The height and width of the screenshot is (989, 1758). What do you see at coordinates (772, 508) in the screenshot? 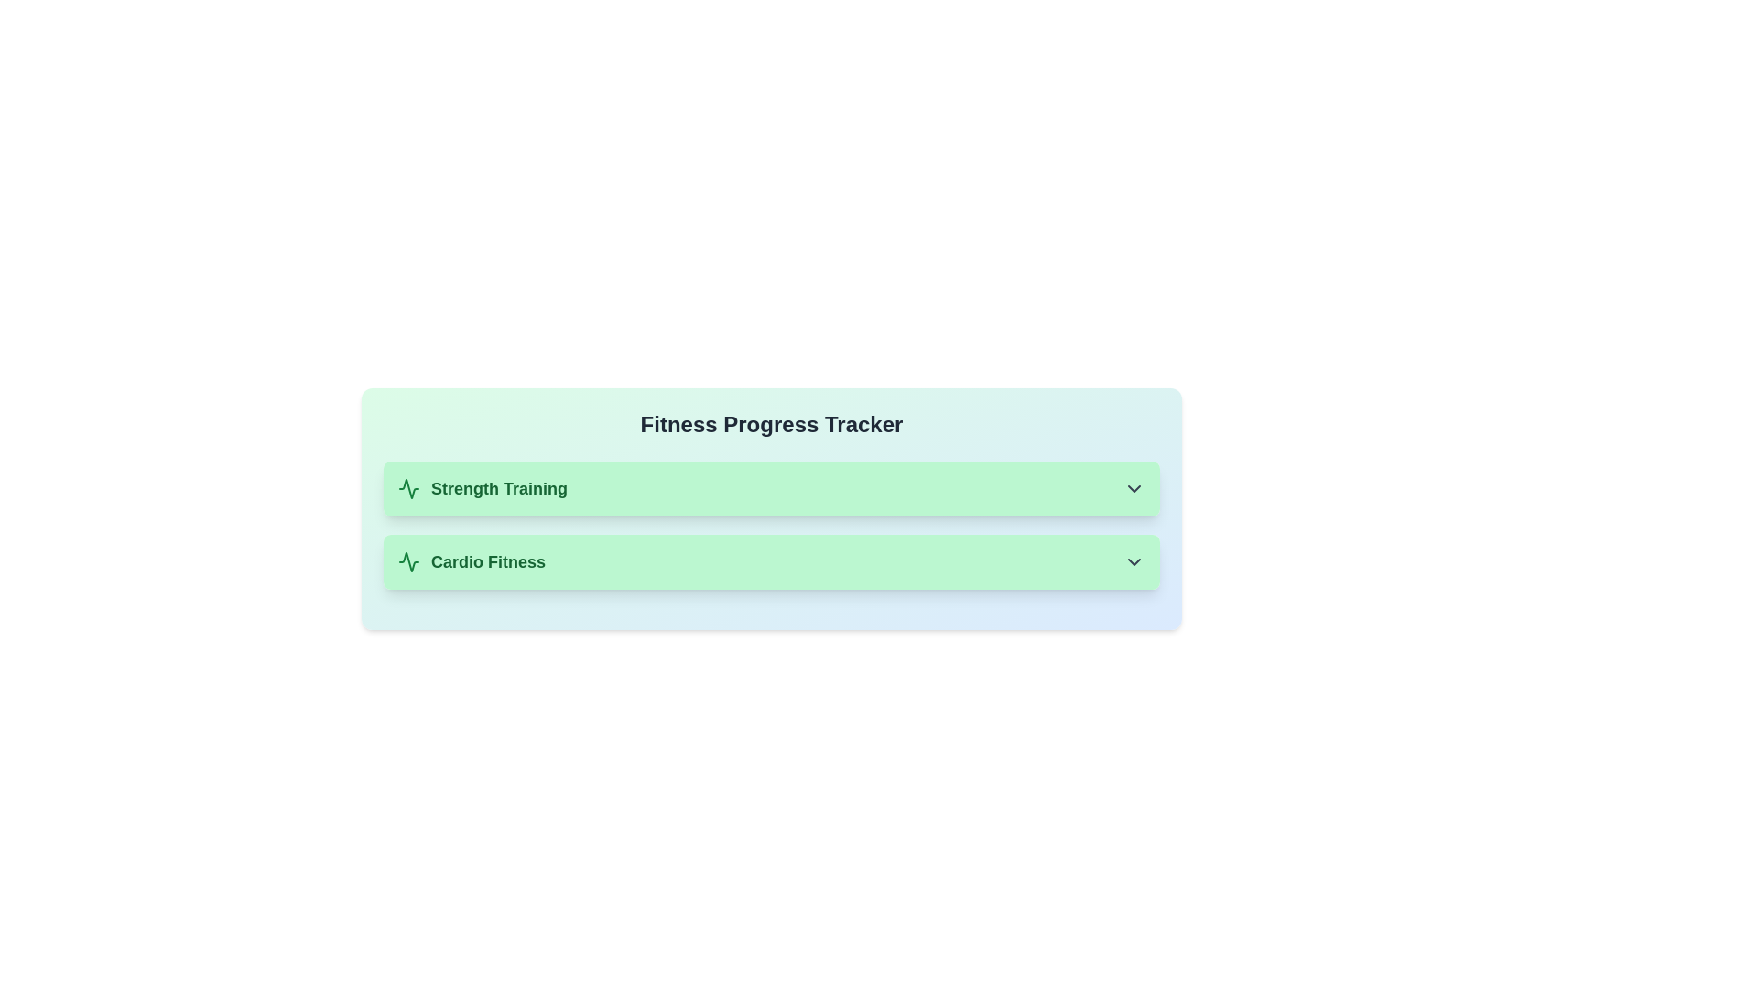
I see `the expand button of the 'Fitness Progress Tracker' panel` at bounding box center [772, 508].